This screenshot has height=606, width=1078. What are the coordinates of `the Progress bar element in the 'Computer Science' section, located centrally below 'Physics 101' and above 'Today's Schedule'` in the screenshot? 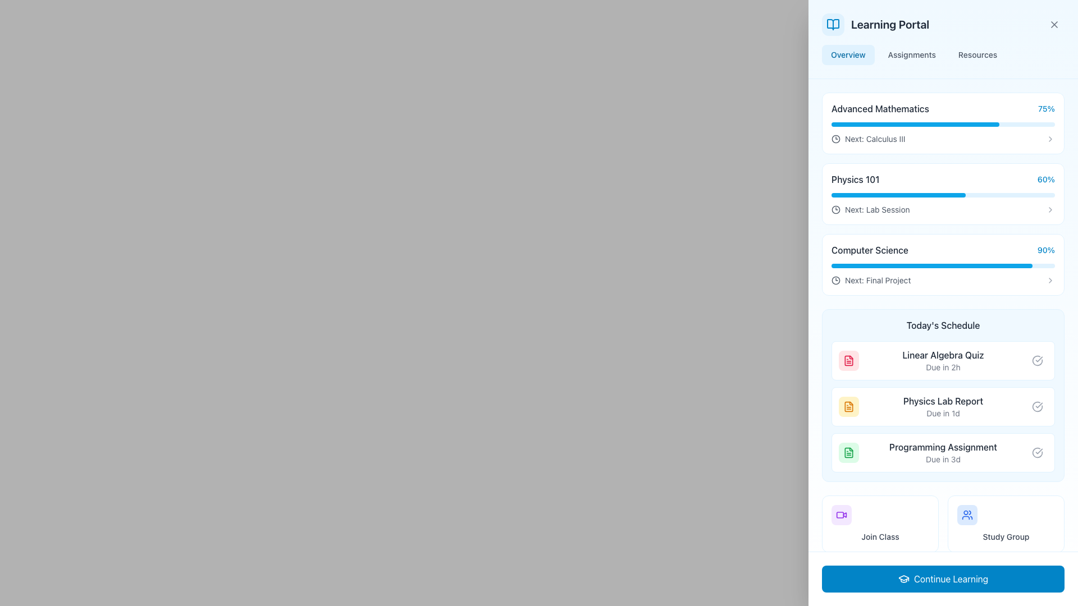 It's located at (932, 266).